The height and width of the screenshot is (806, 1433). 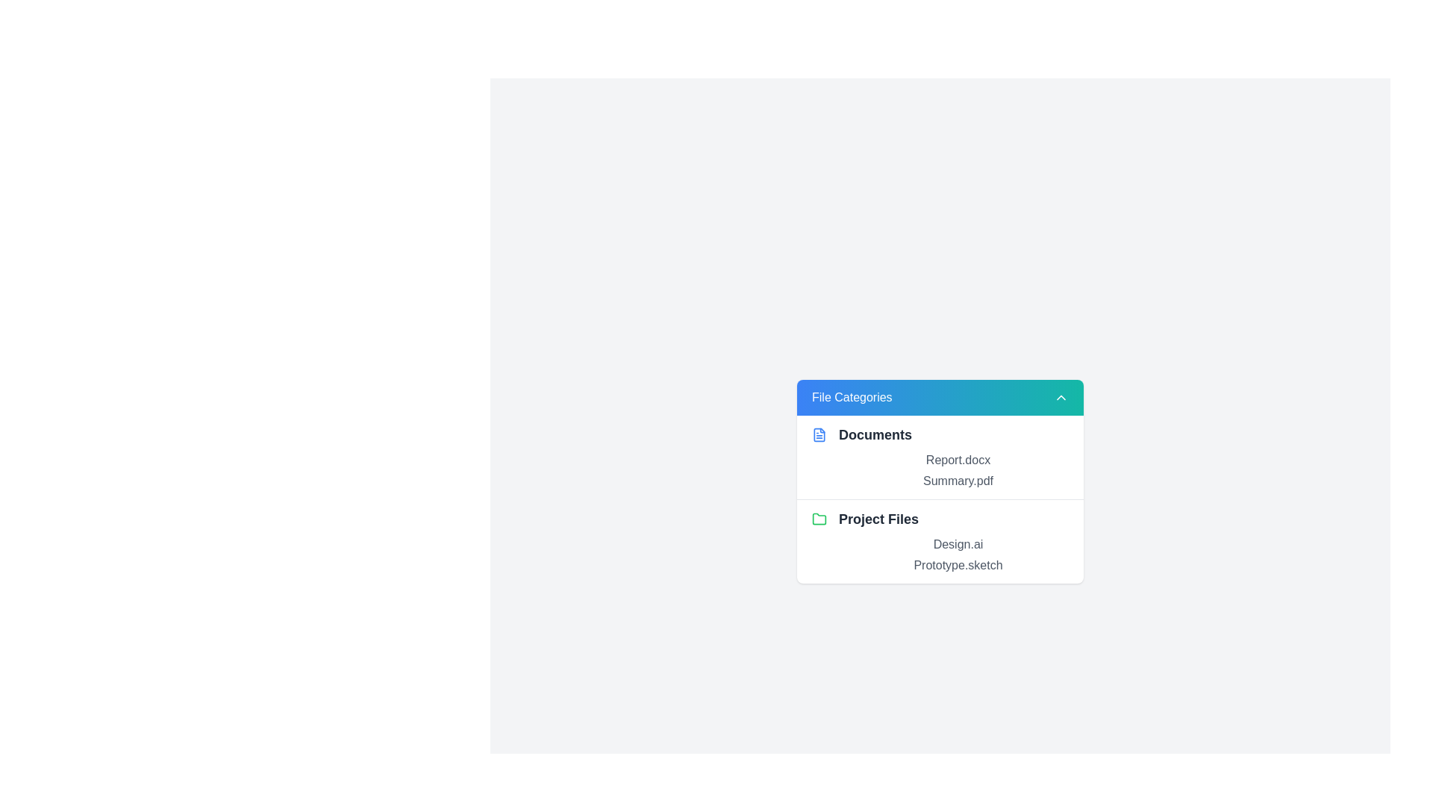 I want to click on the vector graphic element that resembles a sheet of paper with a folded corner, which is part of an icon representing a file or document, so click(x=819, y=434).